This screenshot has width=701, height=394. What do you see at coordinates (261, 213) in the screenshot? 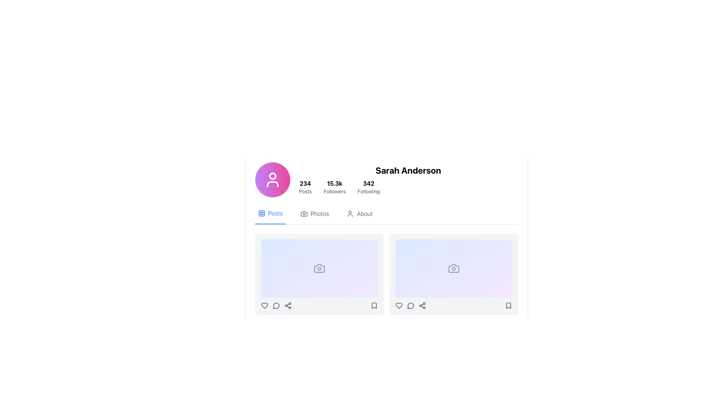
I see `the 'Posts' icon element located in the horizontal navigation bar` at bounding box center [261, 213].